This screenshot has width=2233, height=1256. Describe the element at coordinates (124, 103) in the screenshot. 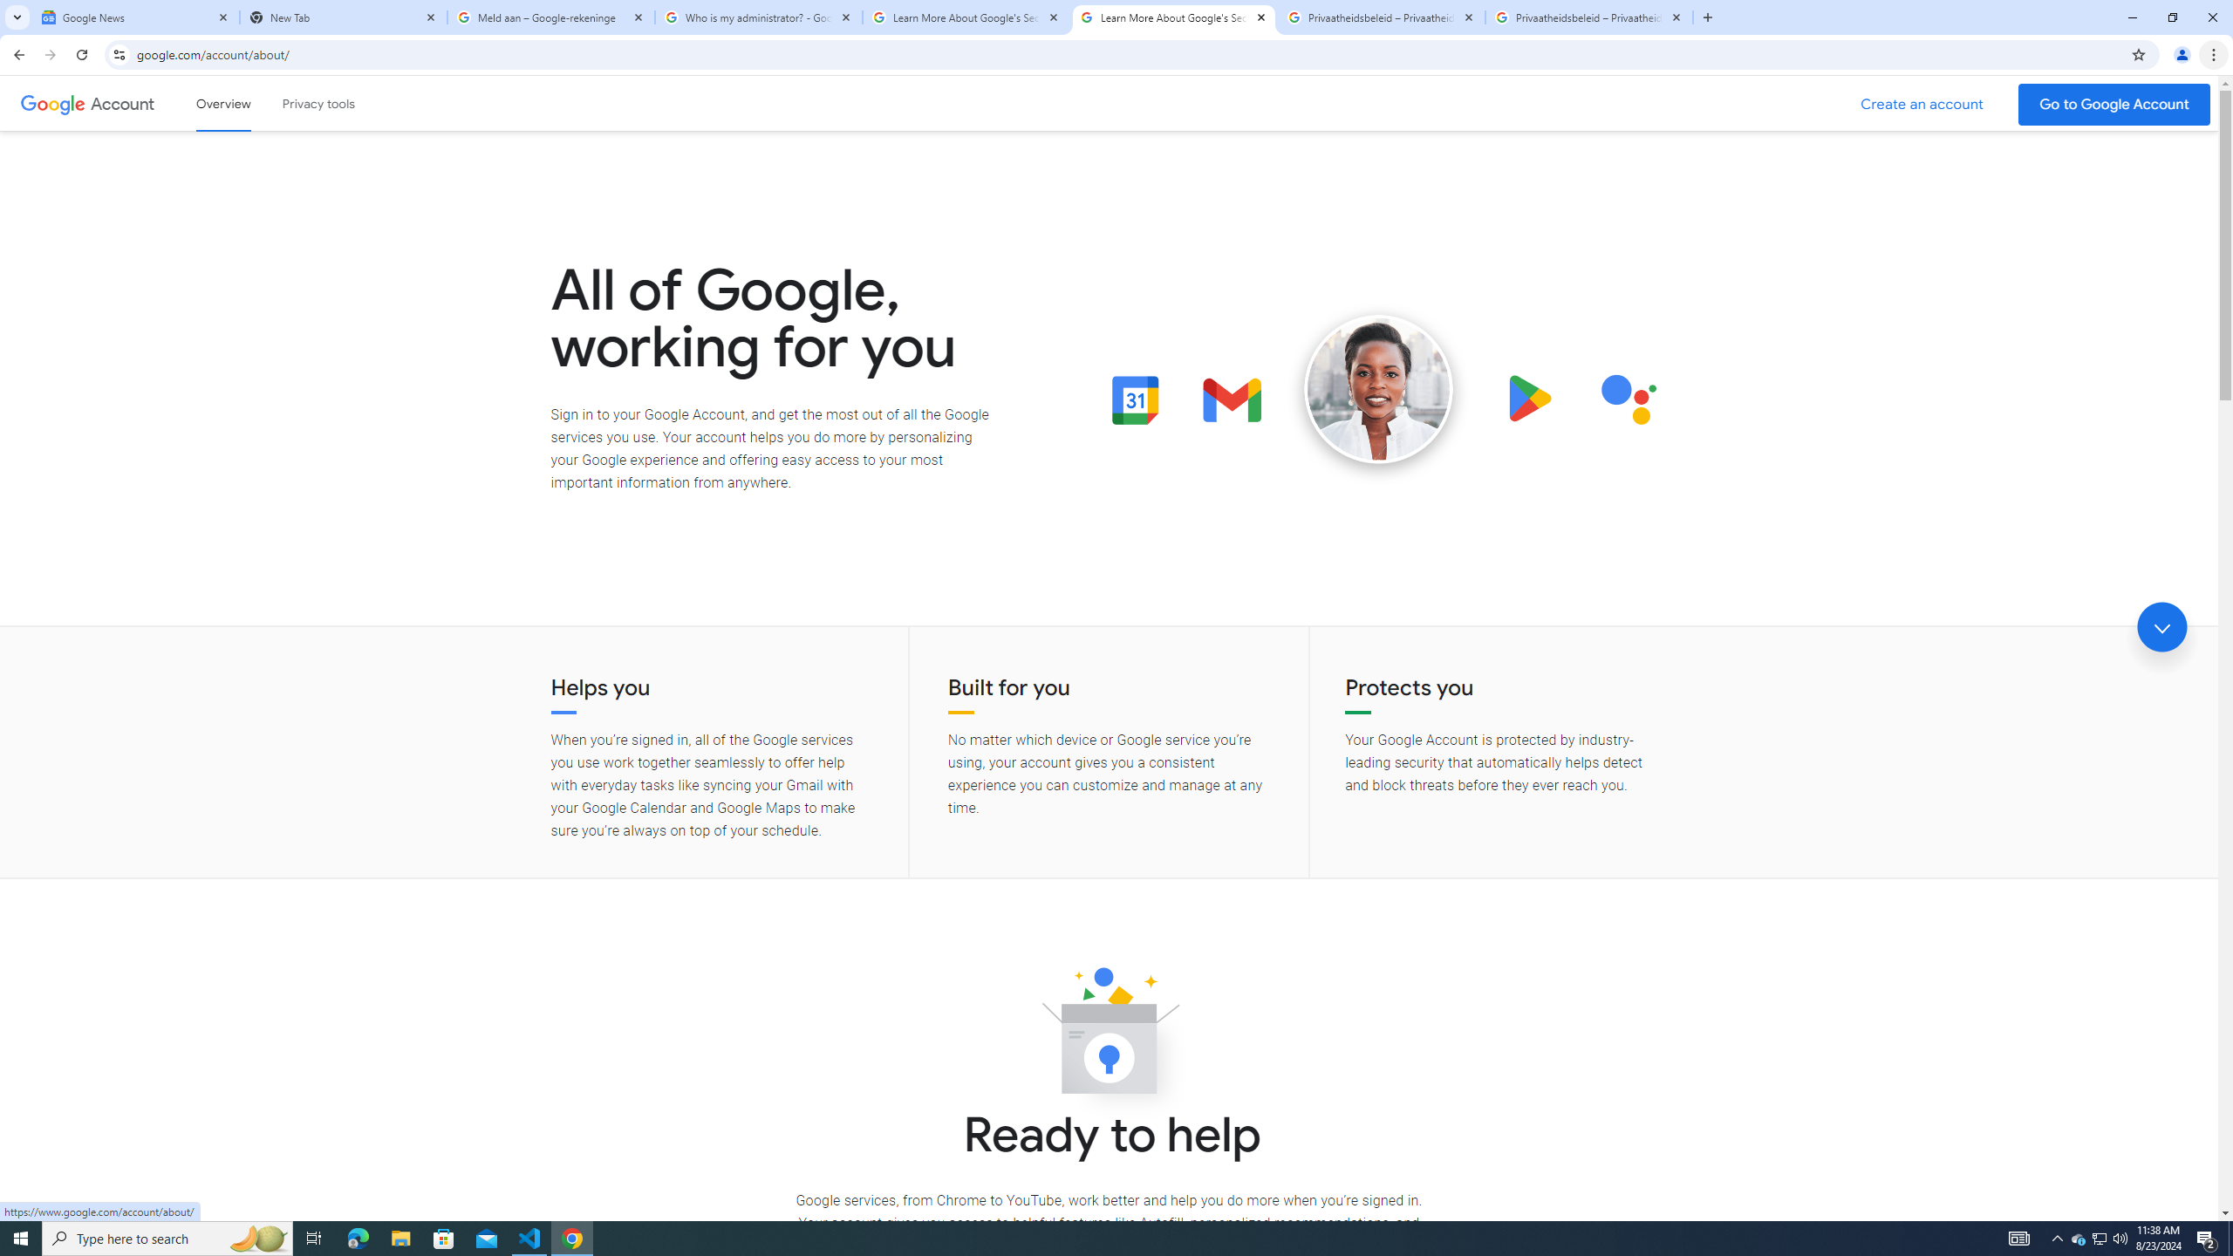

I see `'Google Account'` at that location.